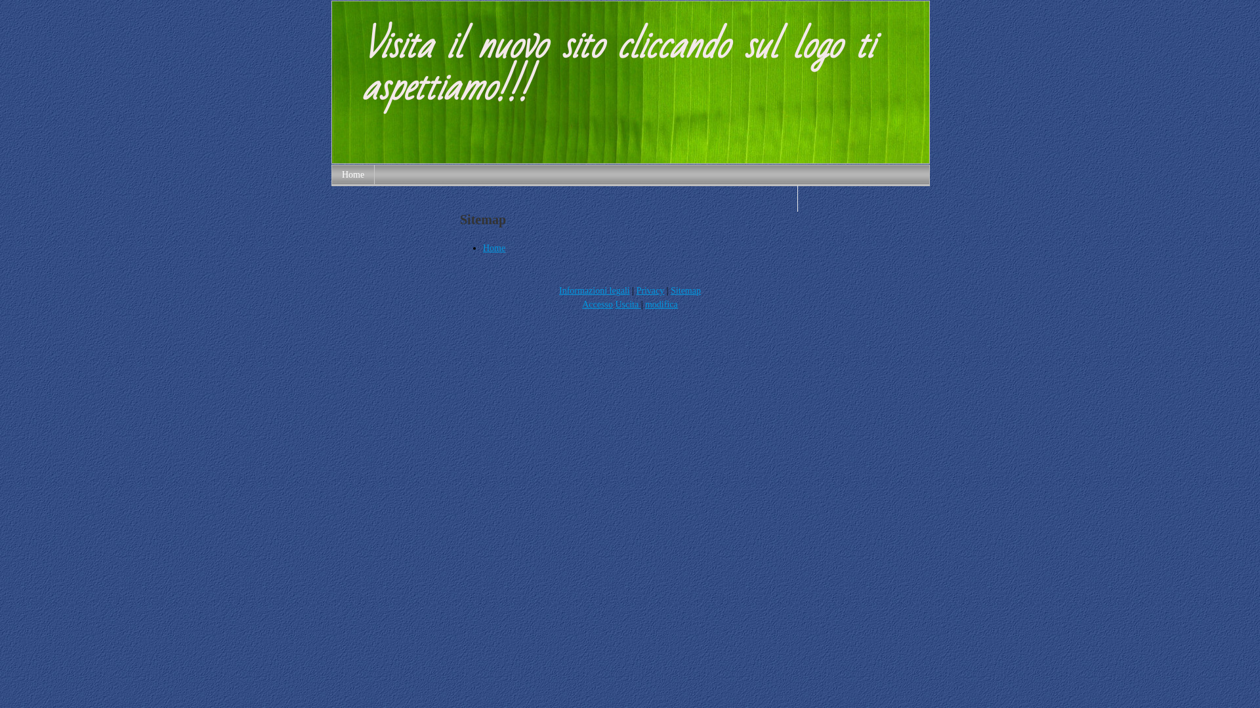  Describe the element at coordinates (594, 290) in the screenshot. I see `'Informazioni legali'` at that location.